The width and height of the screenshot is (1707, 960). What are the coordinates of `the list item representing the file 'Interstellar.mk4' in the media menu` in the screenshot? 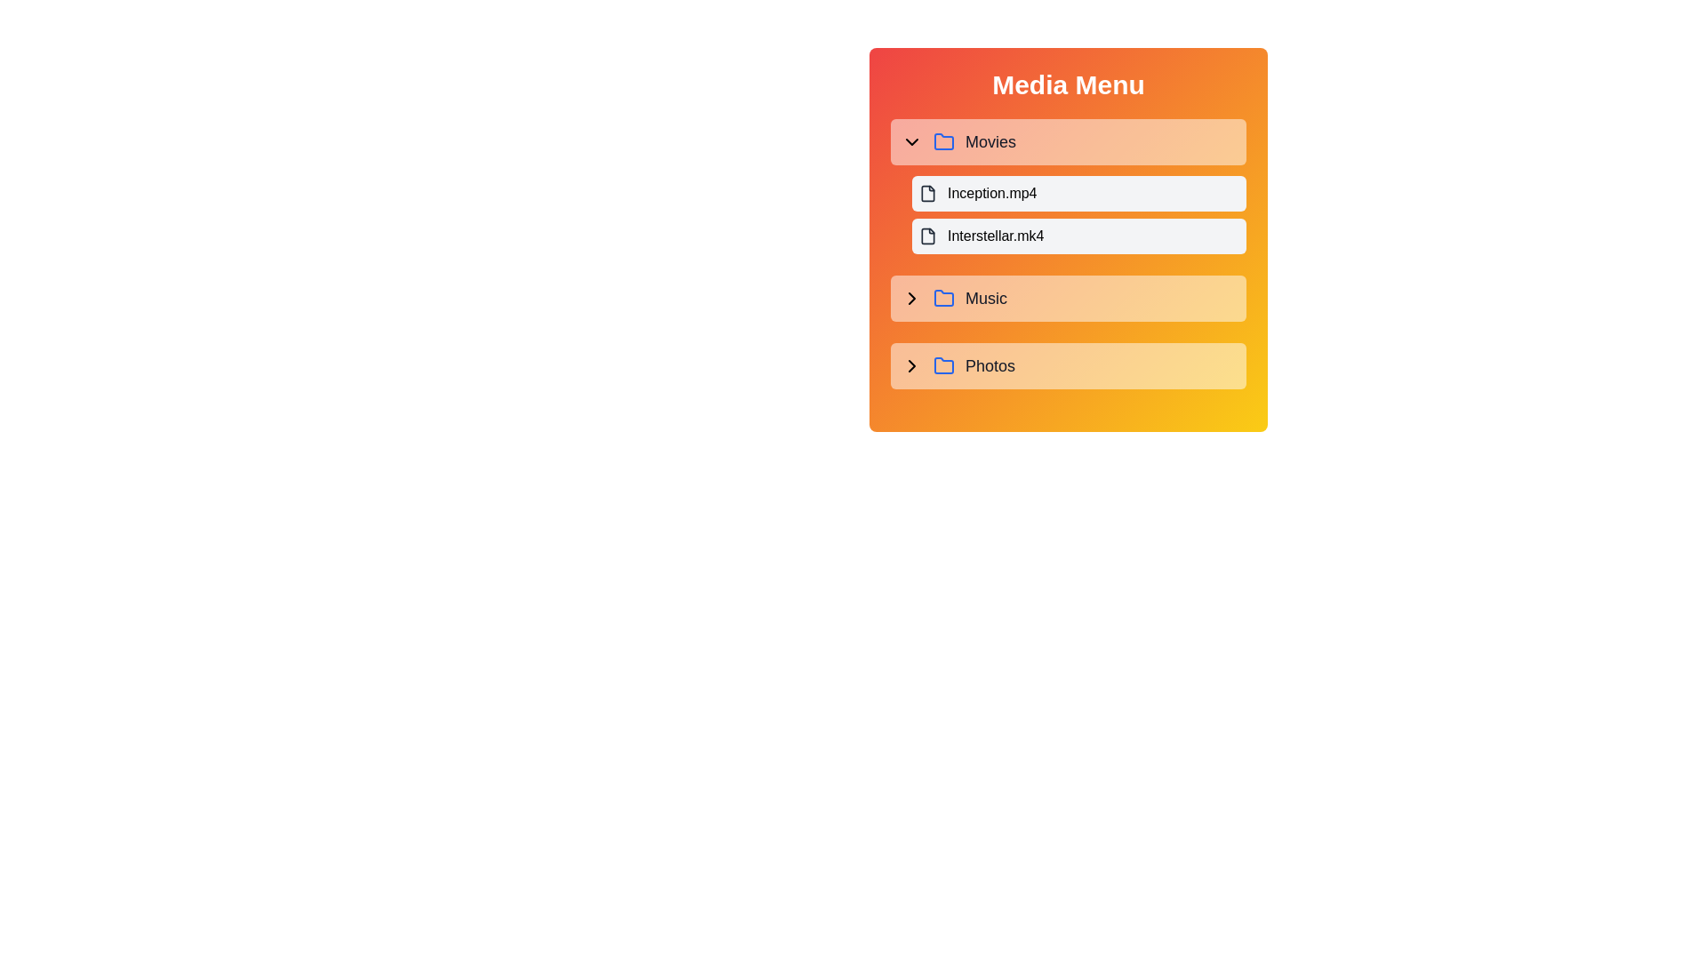 It's located at (1078, 236).